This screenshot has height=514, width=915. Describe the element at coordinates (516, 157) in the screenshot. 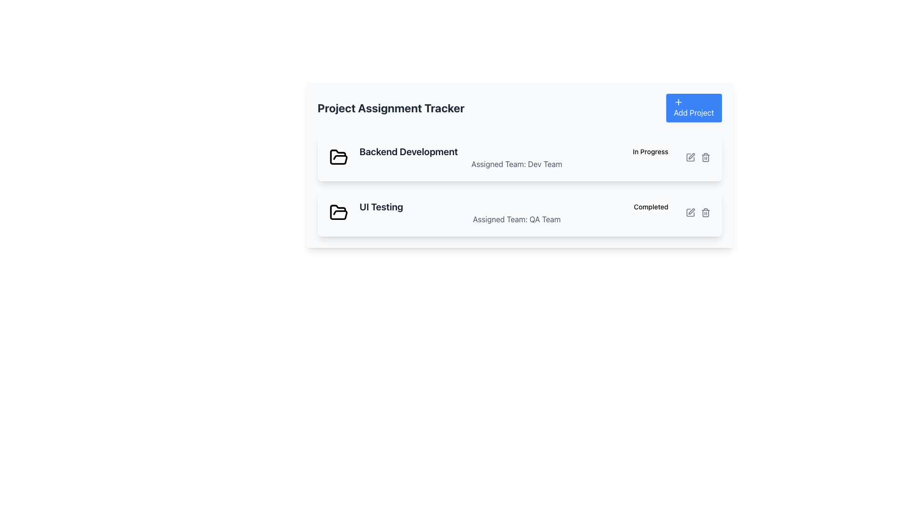

I see `the Text and badge element that indicates detailed information about a development task, including its title, status, and the team responsible for it` at that location.